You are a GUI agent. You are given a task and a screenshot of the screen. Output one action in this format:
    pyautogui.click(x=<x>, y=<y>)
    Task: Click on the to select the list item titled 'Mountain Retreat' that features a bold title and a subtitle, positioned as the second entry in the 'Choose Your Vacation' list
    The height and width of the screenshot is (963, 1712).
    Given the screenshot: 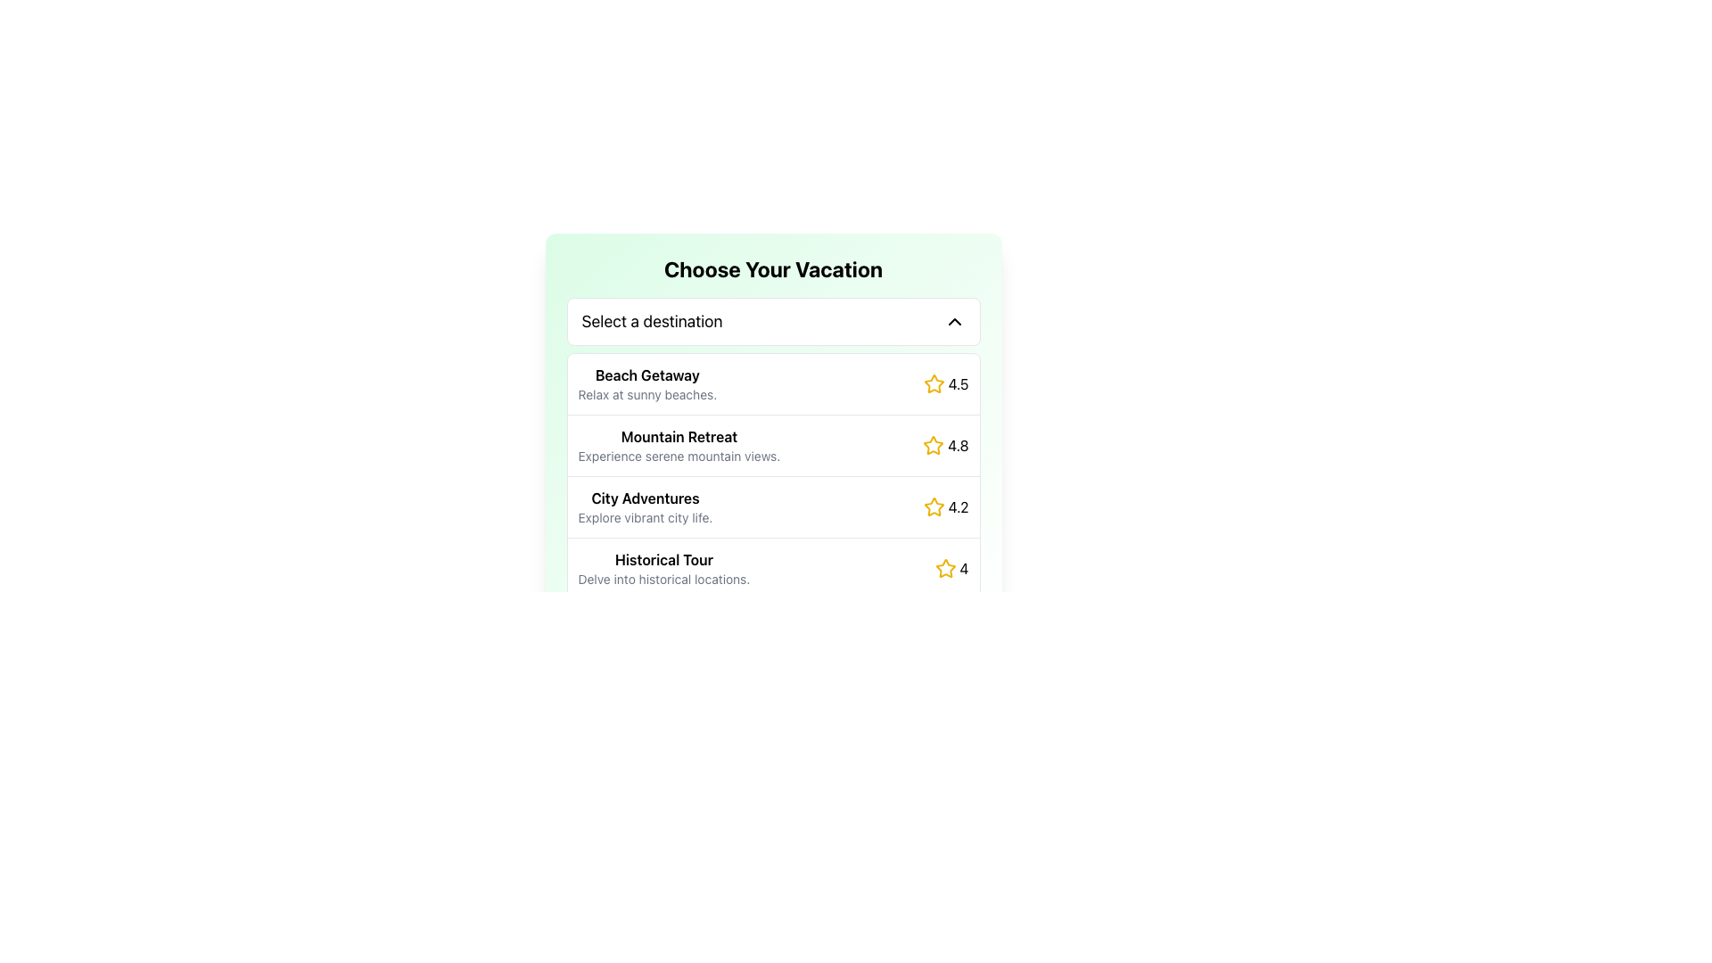 What is the action you would take?
    pyautogui.click(x=678, y=445)
    